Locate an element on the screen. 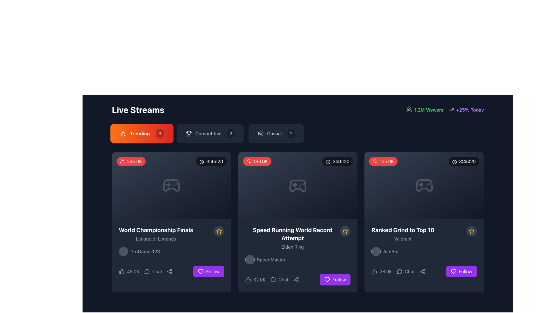  the heart-shaped purple icon located inside the 'Follow' button, which features rounded corners and white 'Follow' text, situated at the bottom-right section of the 'World Championship Finals' content card is located at coordinates (201, 272).